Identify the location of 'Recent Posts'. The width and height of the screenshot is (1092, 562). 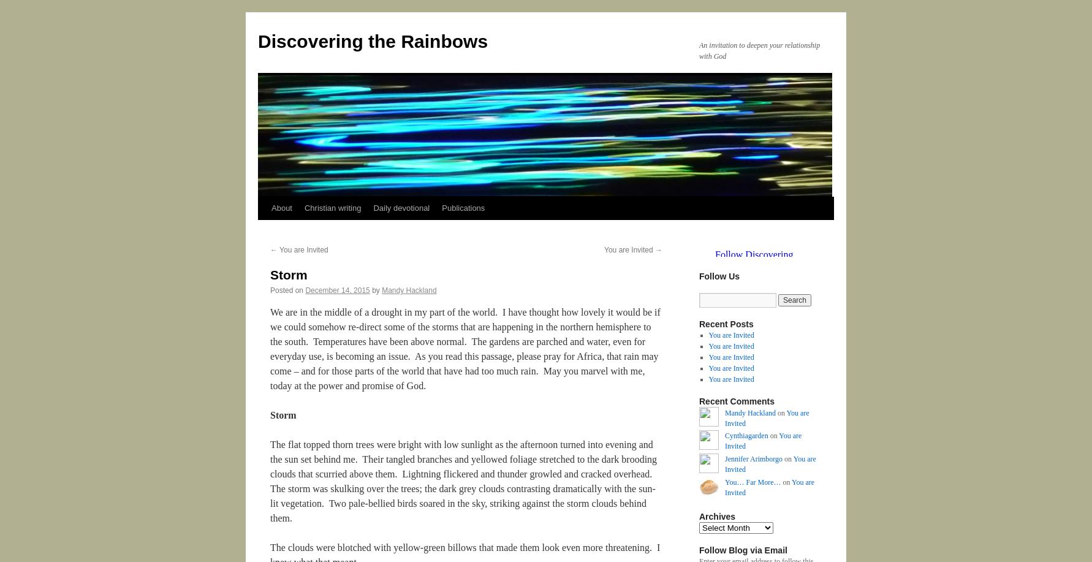
(699, 324).